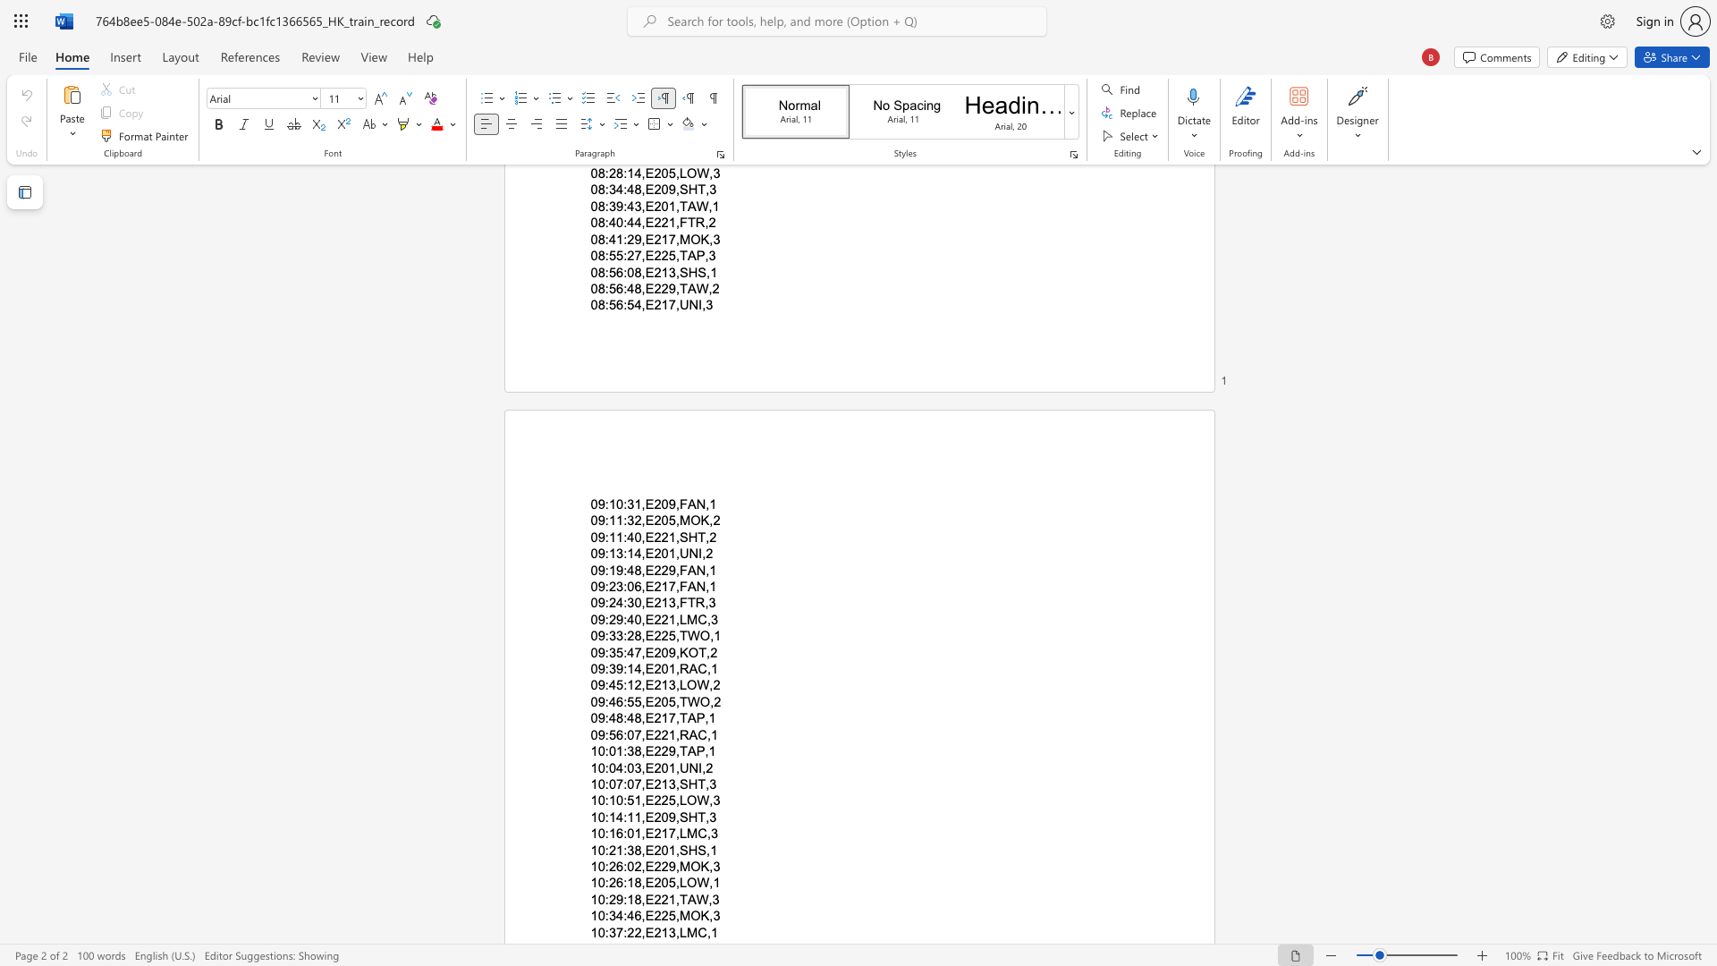 This screenshot has width=1717, height=966. I want to click on the space between the continuous character "T" and "," in the text, so click(704, 652).